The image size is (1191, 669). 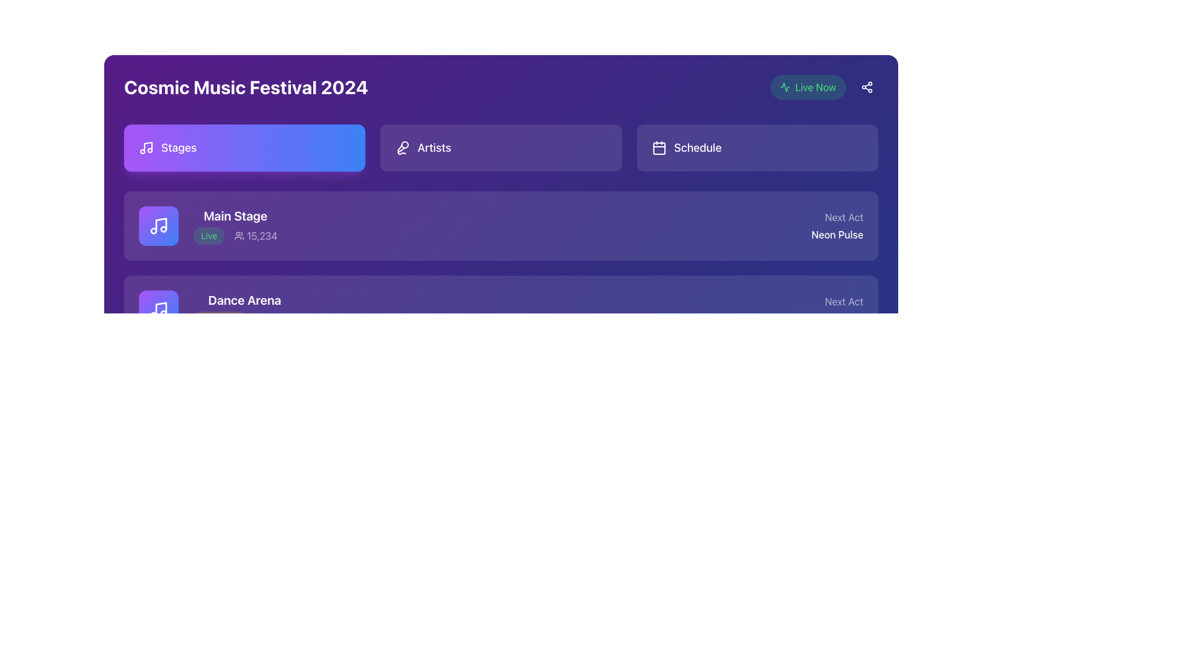 What do you see at coordinates (244, 310) in the screenshot?
I see `the text label displaying the title 'Dance Arena', which is the second item in the vertical list under the 'Stages' section` at bounding box center [244, 310].